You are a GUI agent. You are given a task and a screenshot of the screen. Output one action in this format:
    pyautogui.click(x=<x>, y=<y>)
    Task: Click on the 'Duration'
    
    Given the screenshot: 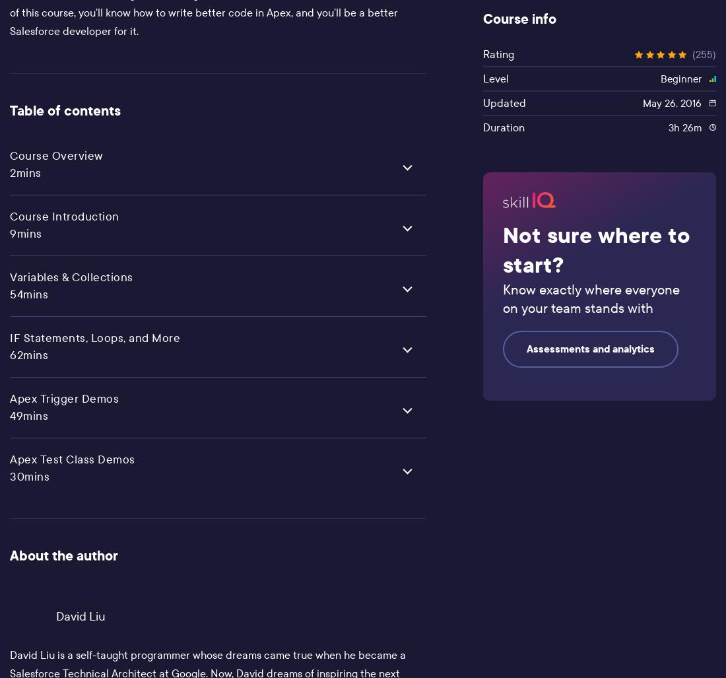 What is the action you would take?
    pyautogui.click(x=503, y=126)
    